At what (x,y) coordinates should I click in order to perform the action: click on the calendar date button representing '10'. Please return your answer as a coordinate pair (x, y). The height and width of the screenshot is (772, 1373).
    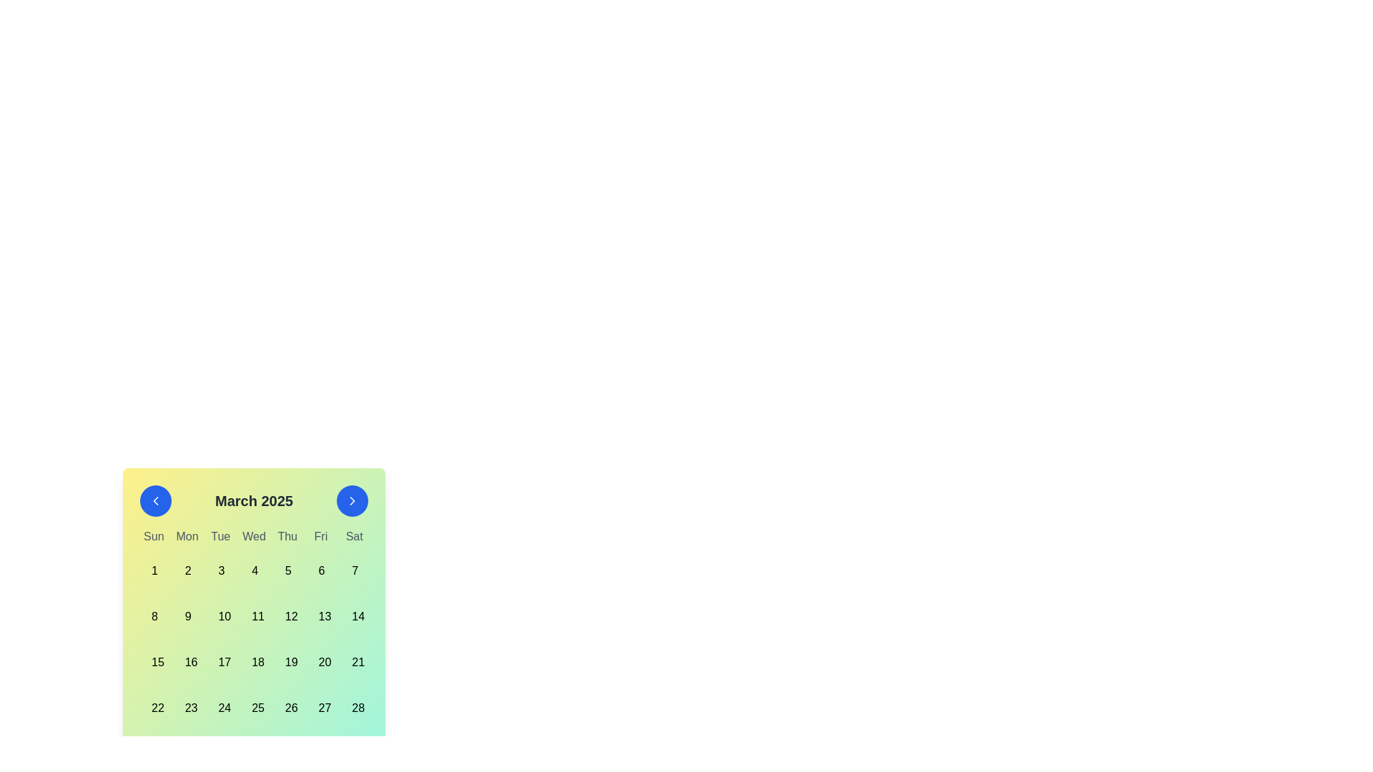
    Looking at the image, I should click on (220, 616).